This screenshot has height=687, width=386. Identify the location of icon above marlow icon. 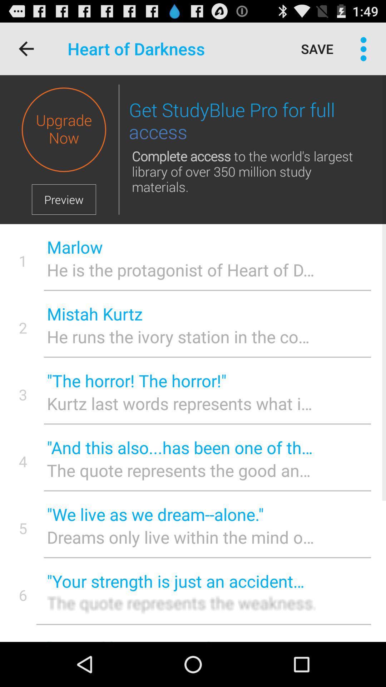
(118, 149).